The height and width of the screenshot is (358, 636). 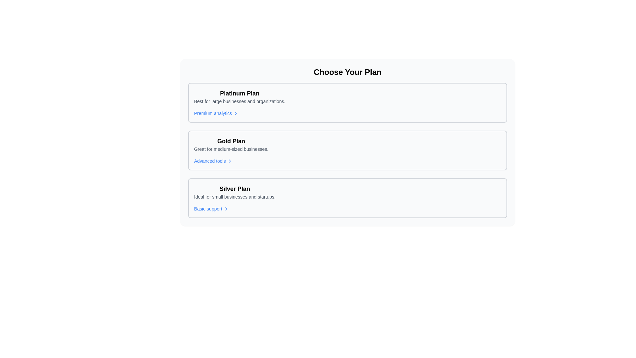 I want to click on the text that reads 'Ideal for small businesses and startups.' which is styled in a smaller font size and gray color, located below the 'Silver Plan' heading, so click(x=235, y=197).